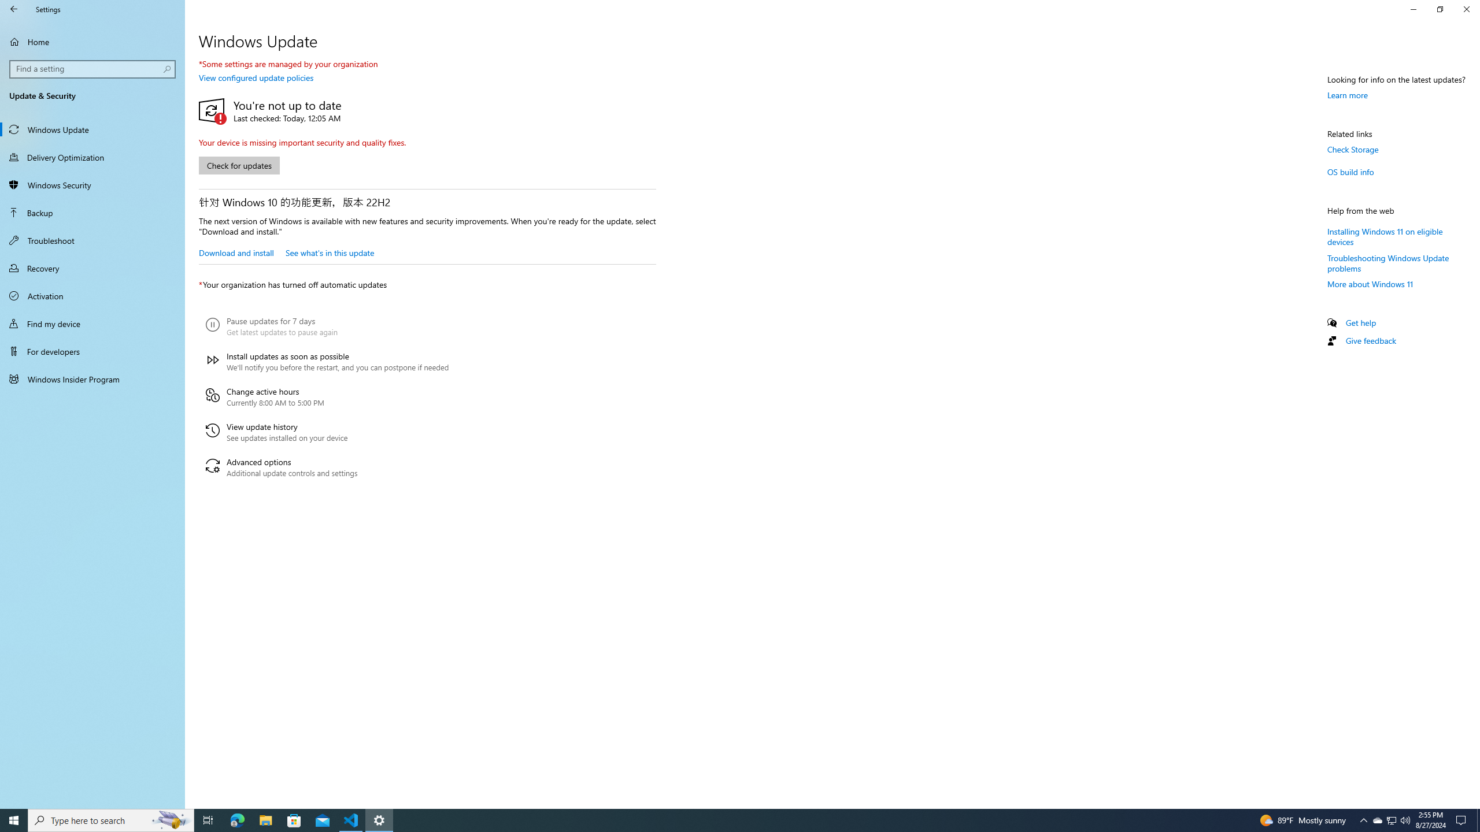 This screenshot has height=832, width=1480. What do you see at coordinates (92, 184) in the screenshot?
I see `'Windows Security'` at bounding box center [92, 184].